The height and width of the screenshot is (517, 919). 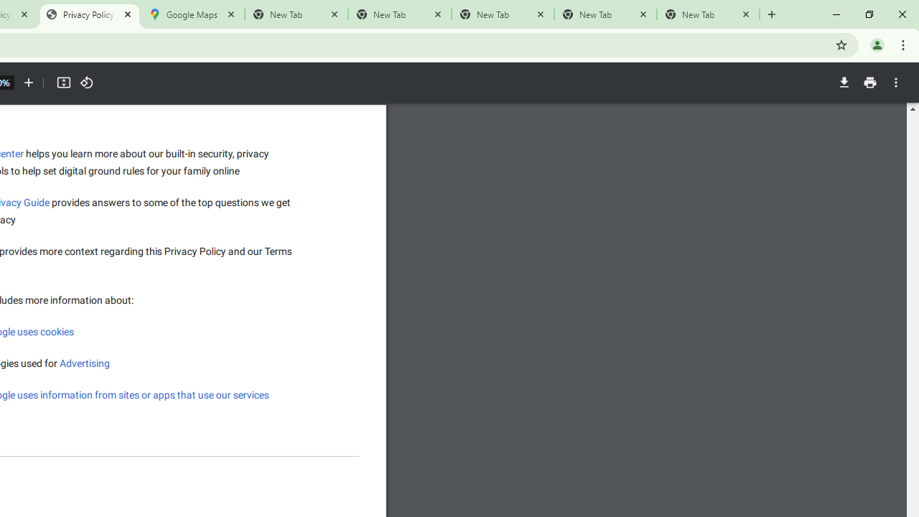 I want to click on 'More actions', so click(x=895, y=83).